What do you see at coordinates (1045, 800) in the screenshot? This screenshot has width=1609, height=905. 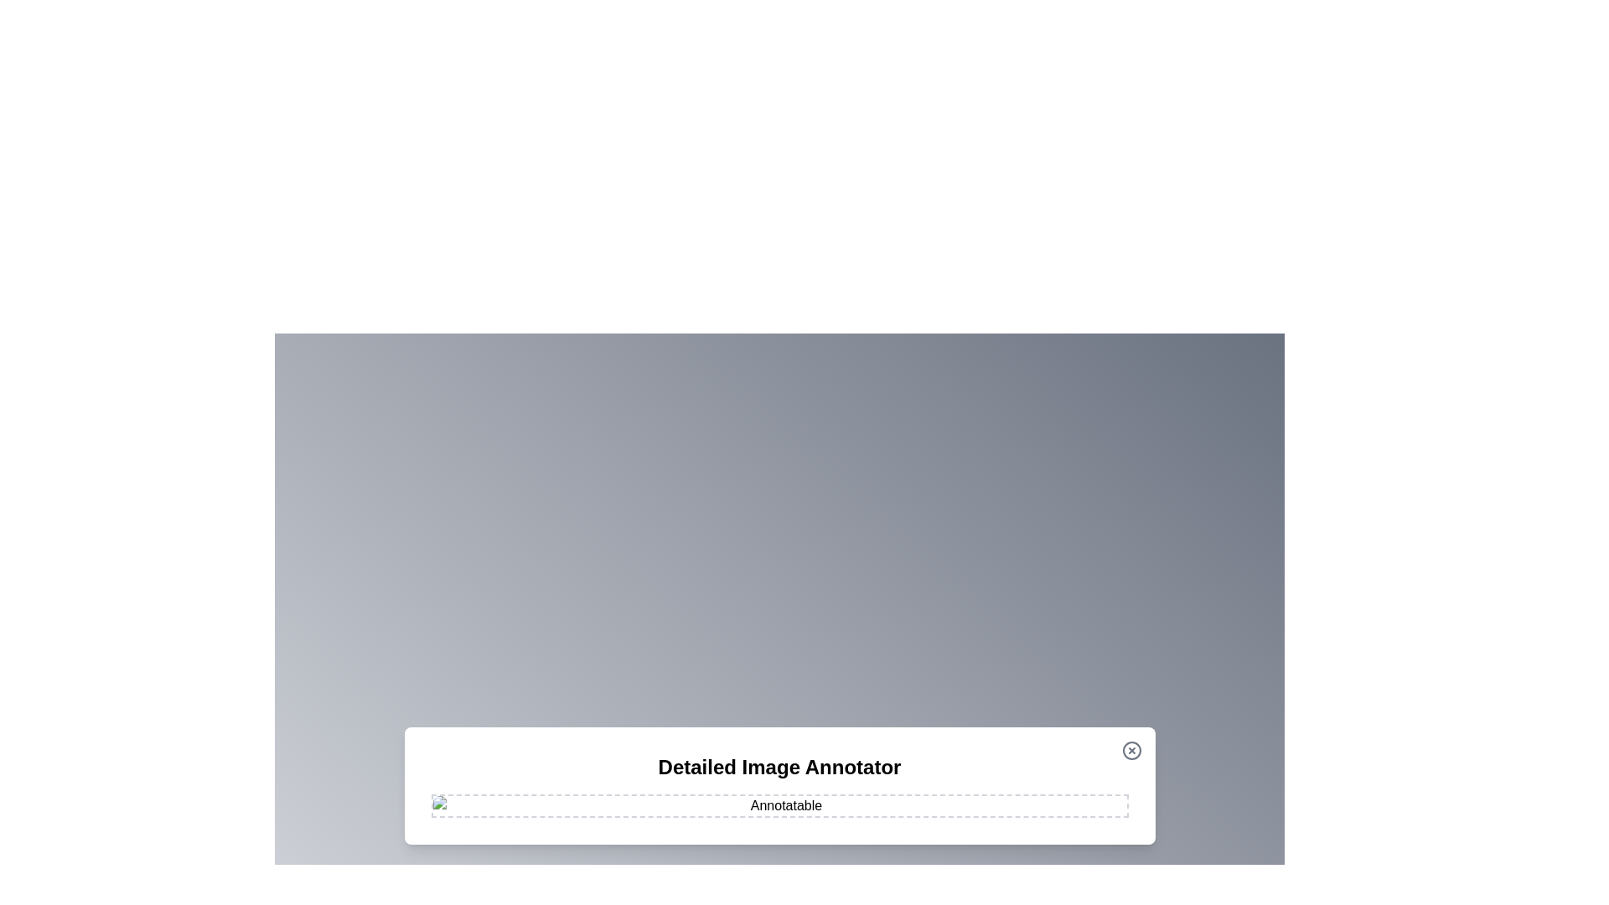 I see `the image at coordinates (1249, 957) to add an annotation` at bounding box center [1045, 800].